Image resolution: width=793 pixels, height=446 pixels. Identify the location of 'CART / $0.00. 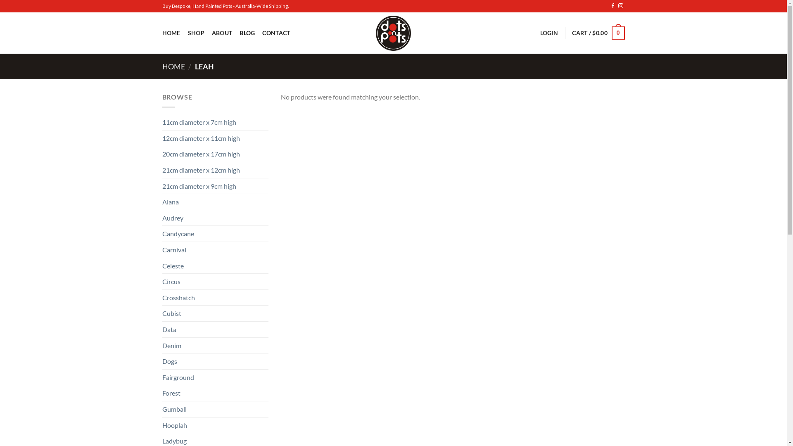
(598, 33).